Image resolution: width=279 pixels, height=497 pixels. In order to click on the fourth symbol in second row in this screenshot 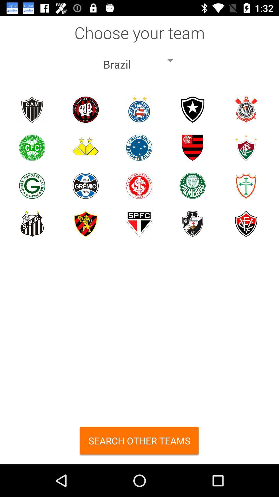, I will do `click(192, 147)`.